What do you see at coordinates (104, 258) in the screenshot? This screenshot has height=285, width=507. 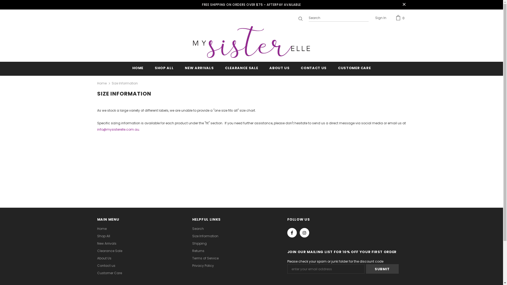 I see `'About Us'` at bounding box center [104, 258].